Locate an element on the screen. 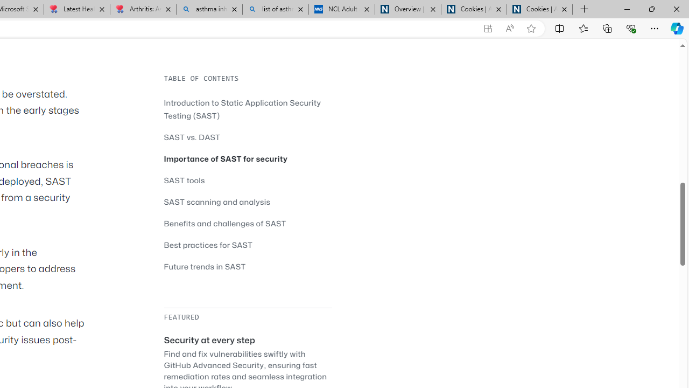 This screenshot has height=388, width=689. 'Cookies | About | NICE' is located at coordinates (539, 9).